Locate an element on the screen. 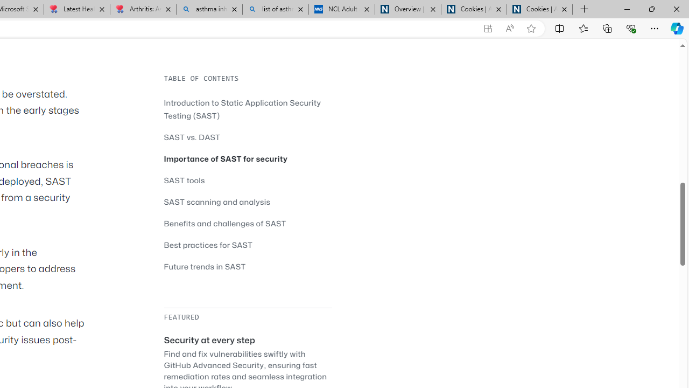 This screenshot has height=388, width=689. 'Cookies | About | NICE' is located at coordinates (539, 9).